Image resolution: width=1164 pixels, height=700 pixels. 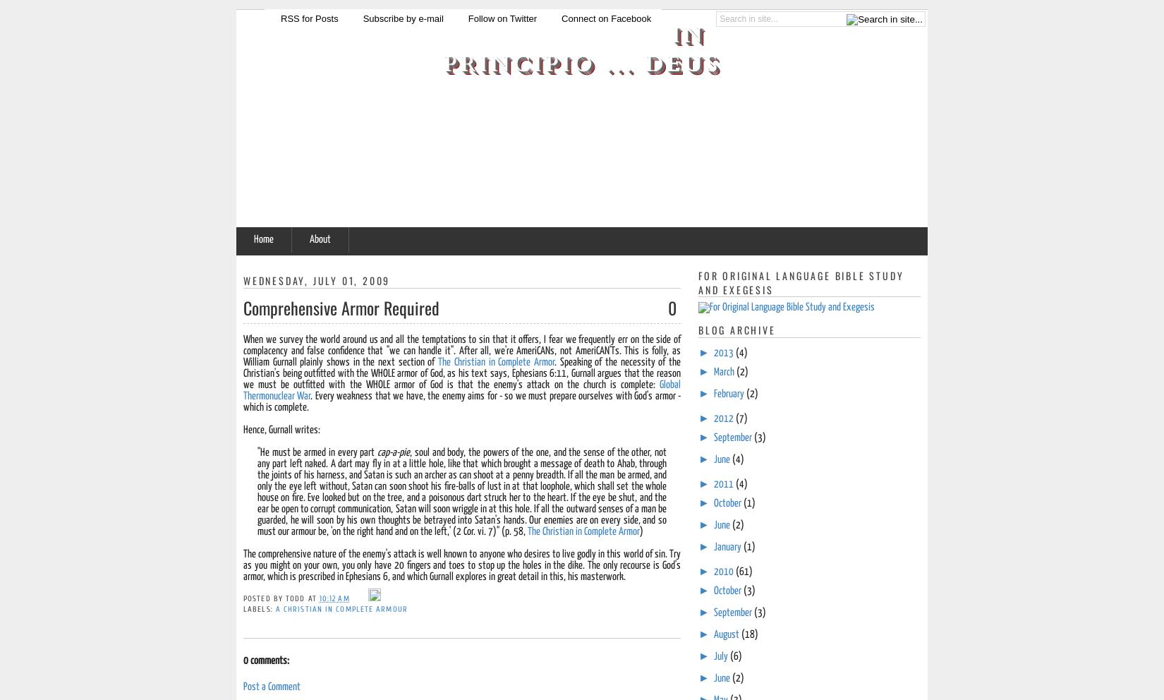 I want to click on '"He must be armed in every part', so click(x=316, y=452).